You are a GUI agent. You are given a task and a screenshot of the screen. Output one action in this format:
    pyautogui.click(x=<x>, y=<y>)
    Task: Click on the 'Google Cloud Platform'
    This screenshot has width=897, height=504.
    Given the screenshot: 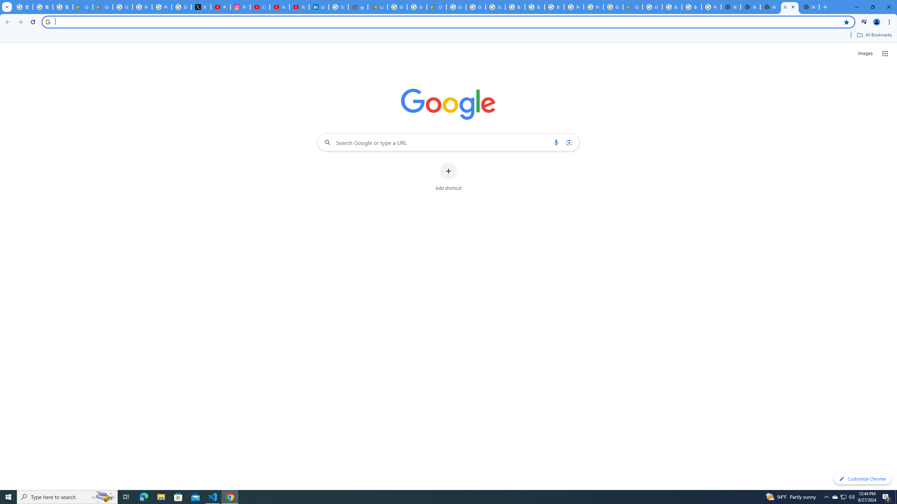 What is the action you would take?
    pyautogui.click(x=652, y=7)
    